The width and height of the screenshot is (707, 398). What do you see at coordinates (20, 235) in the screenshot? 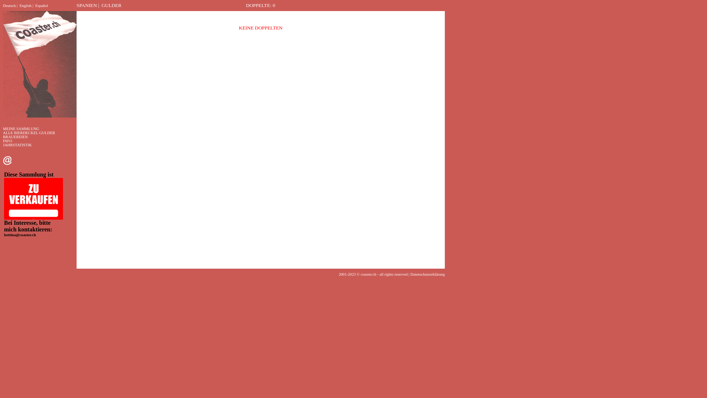
I see `'bettina@coaster.ch'` at bounding box center [20, 235].